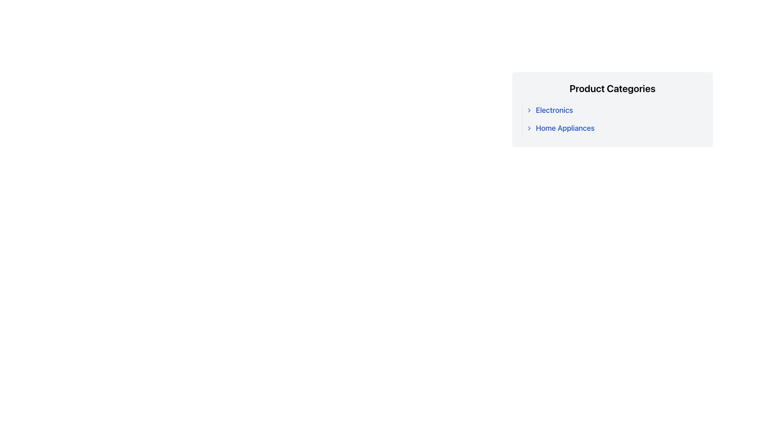  I want to click on the chevron icon for 'Home Appliances', so click(529, 128).